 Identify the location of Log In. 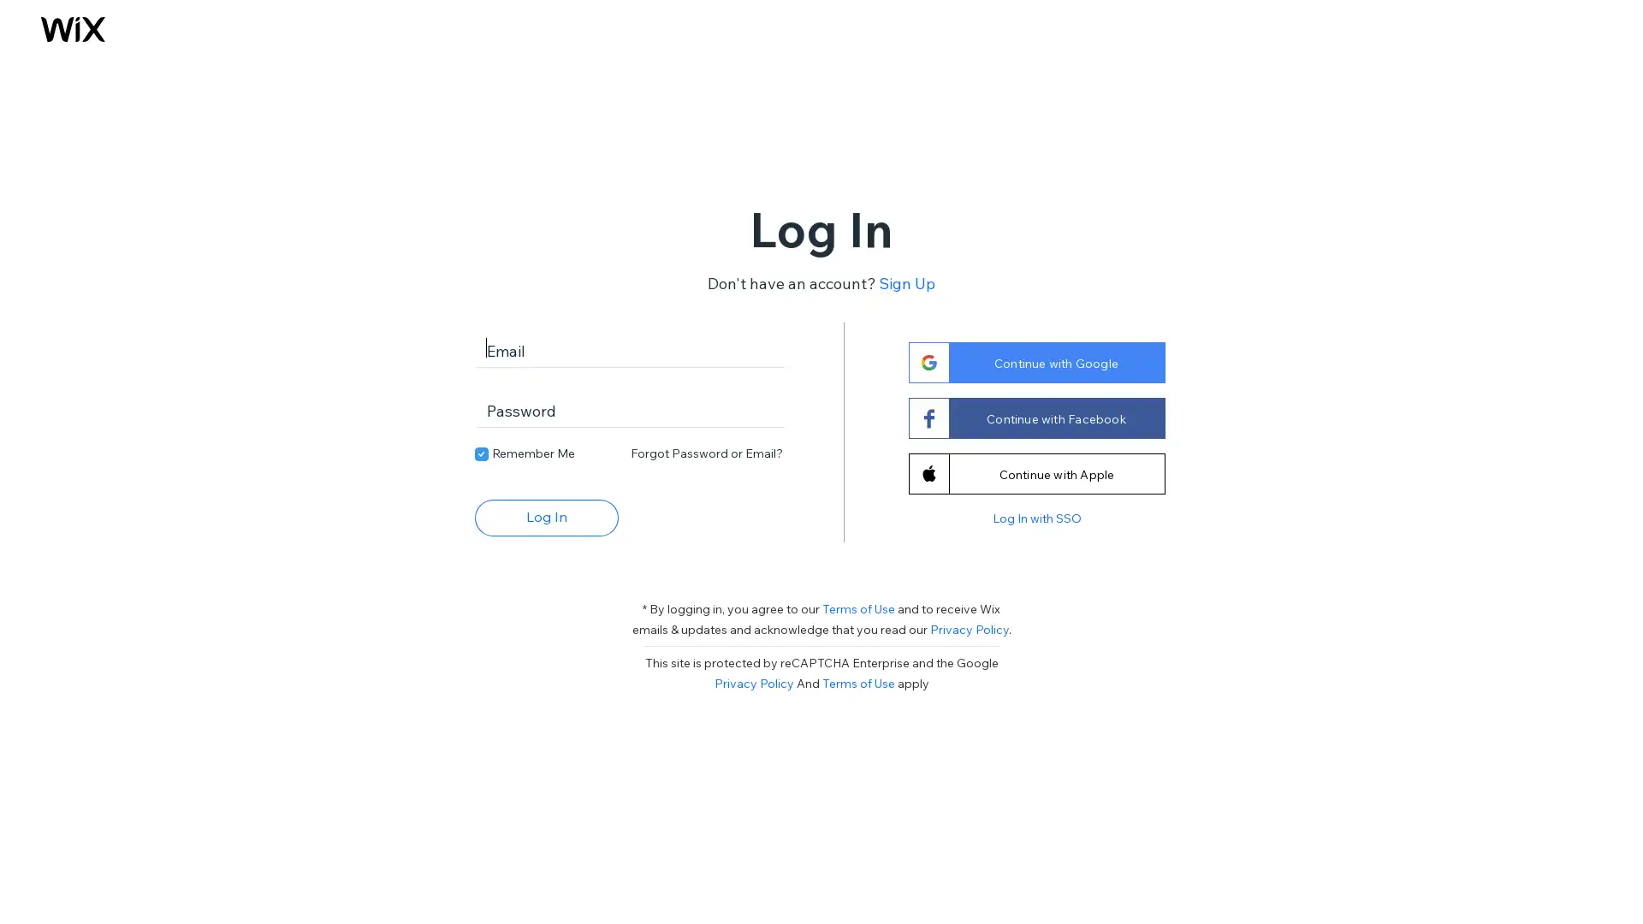
(545, 516).